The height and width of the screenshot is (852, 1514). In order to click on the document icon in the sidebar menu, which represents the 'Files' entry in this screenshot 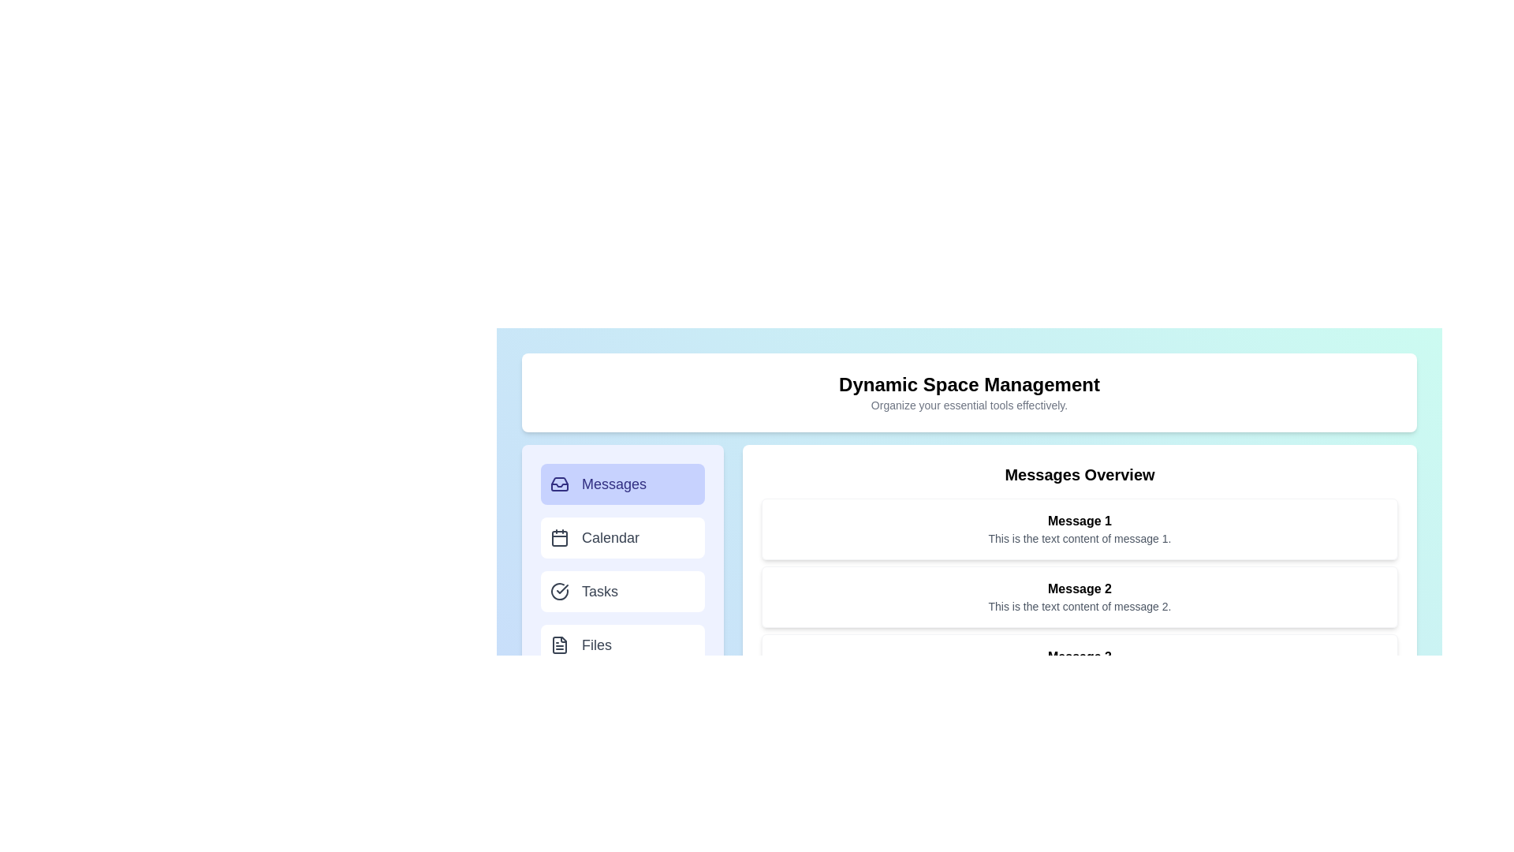, I will do `click(560, 645)`.